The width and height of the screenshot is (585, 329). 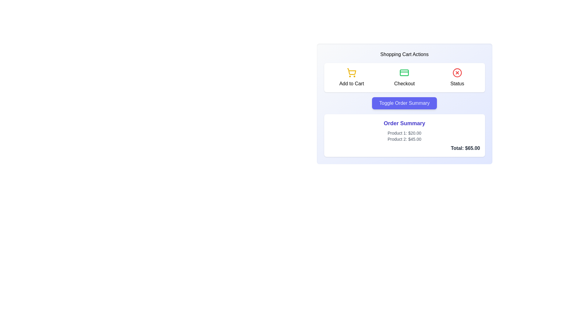 I want to click on assistive technology, so click(x=404, y=136).